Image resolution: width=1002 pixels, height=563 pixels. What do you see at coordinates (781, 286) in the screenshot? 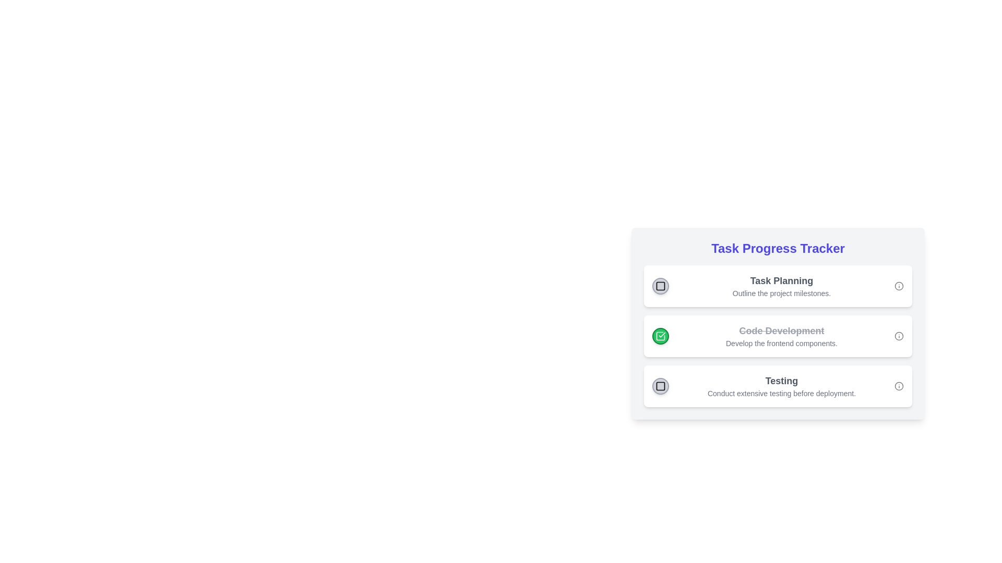
I see `the text display element that shows task information, located centrally within the first card of the 'Task Progress Tracker' list` at bounding box center [781, 286].